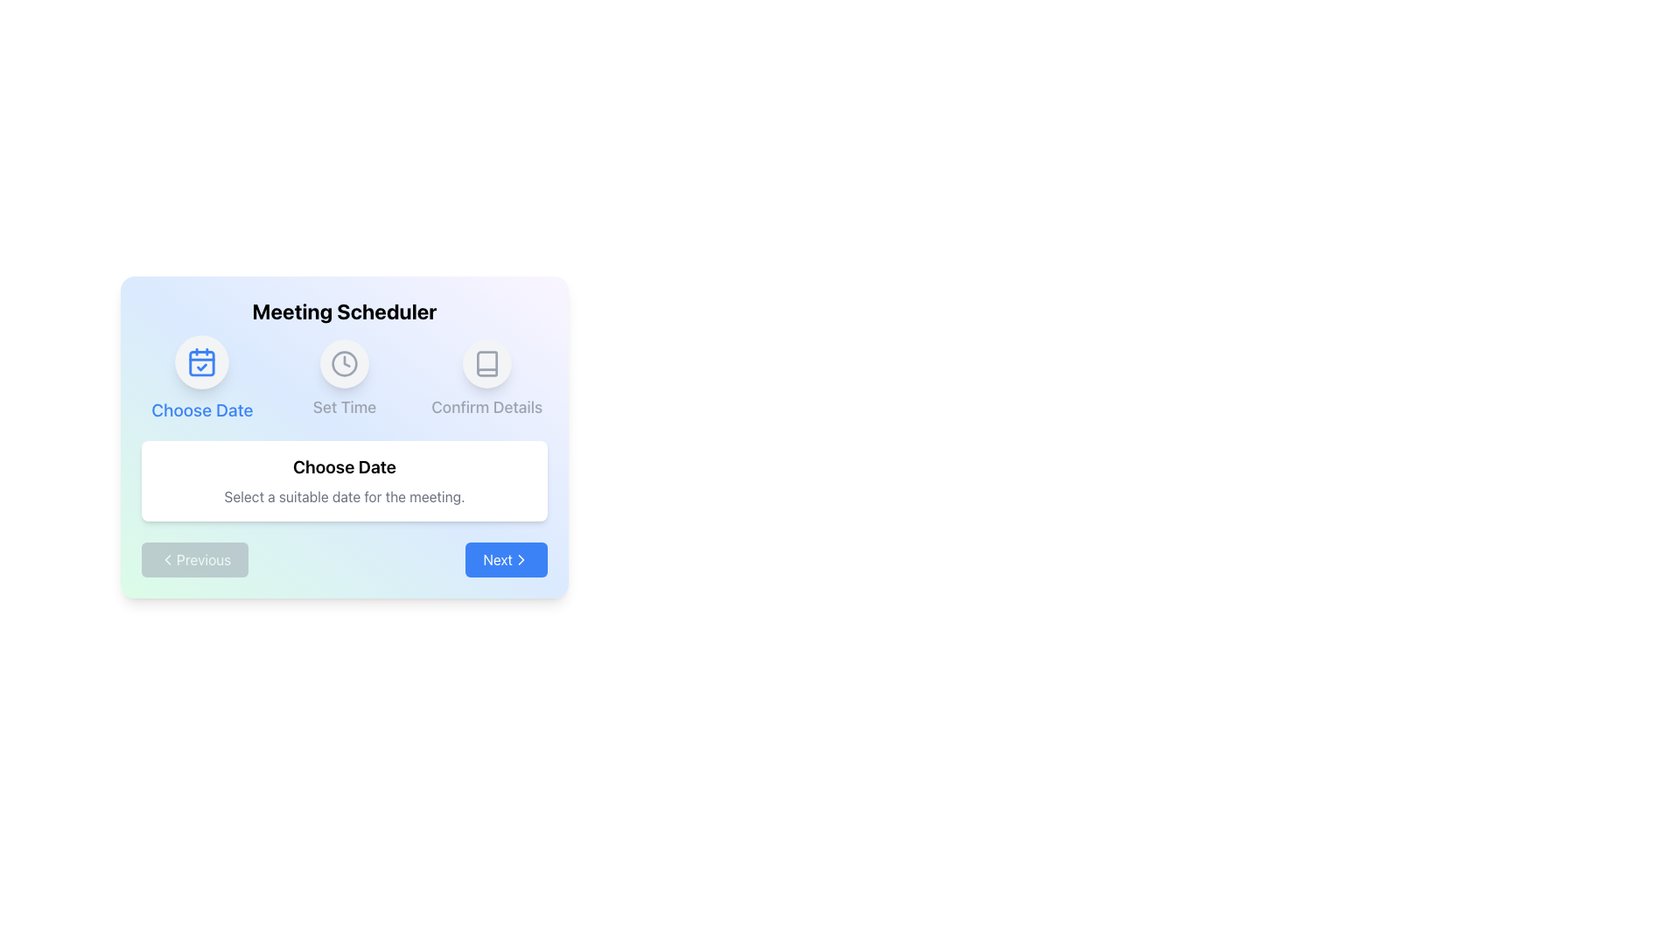  What do you see at coordinates (486, 363) in the screenshot?
I see `the circular icon with a light gray background and a book-like symbol, located at the top-right of the 'Confirm Details' section` at bounding box center [486, 363].